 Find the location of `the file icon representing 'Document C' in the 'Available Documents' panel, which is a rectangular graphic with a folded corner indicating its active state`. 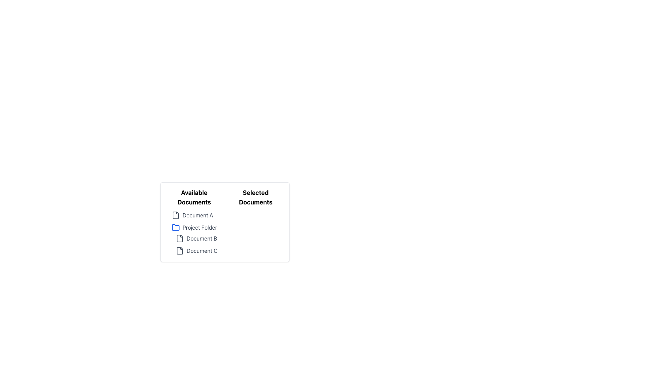

the file icon representing 'Document C' in the 'Available Documents' panel, which is a rectangular graphic with a folded corner indicating its active state is located at coordinates (180, 251).